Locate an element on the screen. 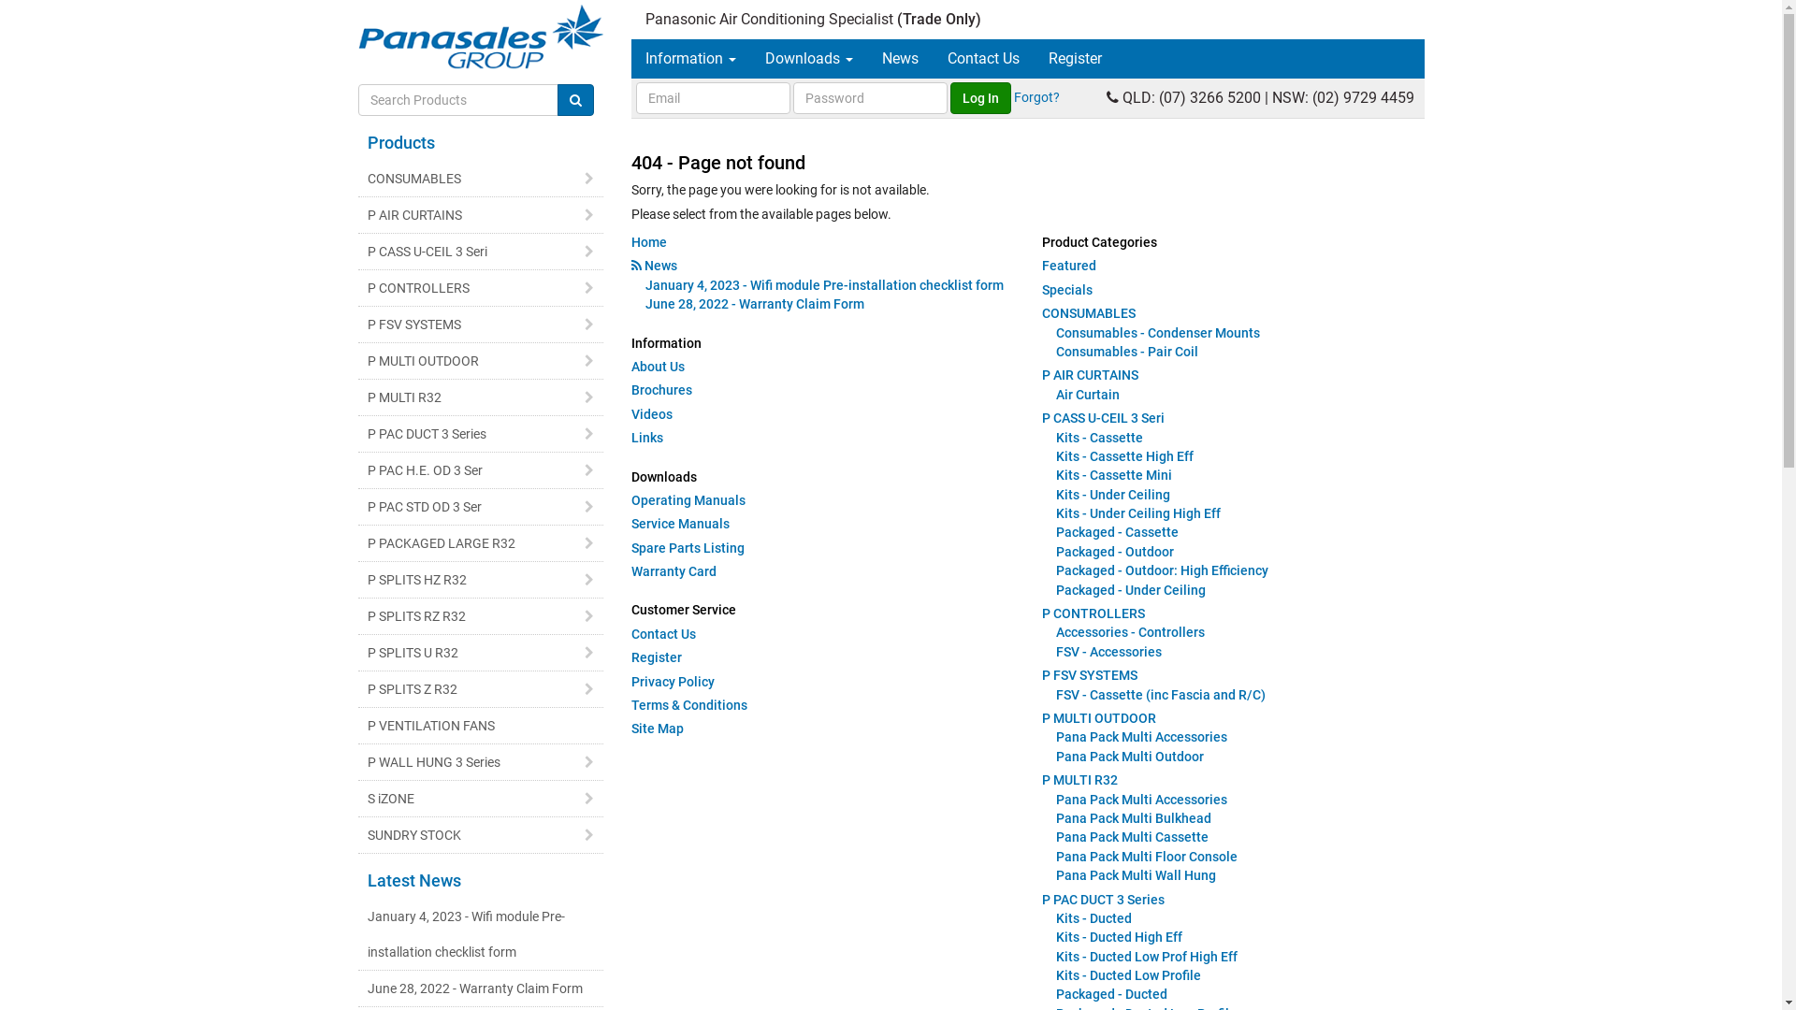  'Specials' is located at coordinates (1040, 289).